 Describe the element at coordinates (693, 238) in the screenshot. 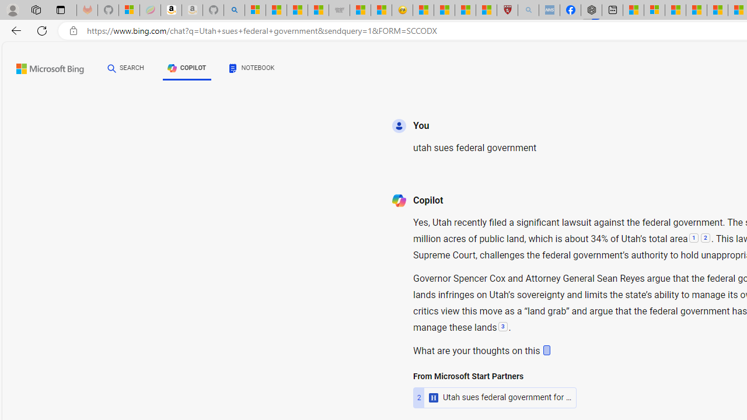

I see `'1: '` at that location.